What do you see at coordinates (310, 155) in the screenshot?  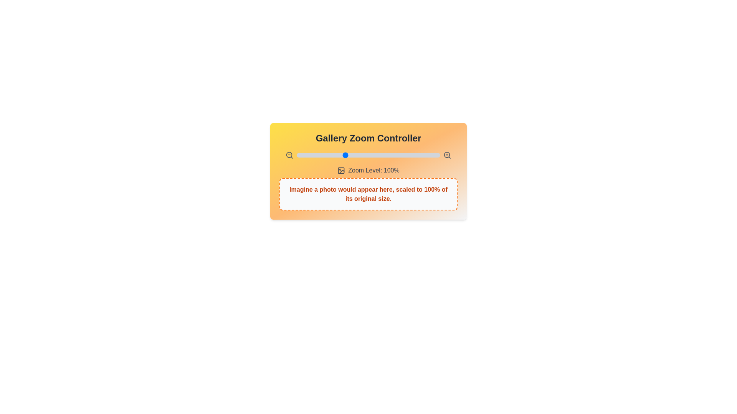 I see `the zoom level to 64% by interacting with the slider` at bounding box center [310, 155].